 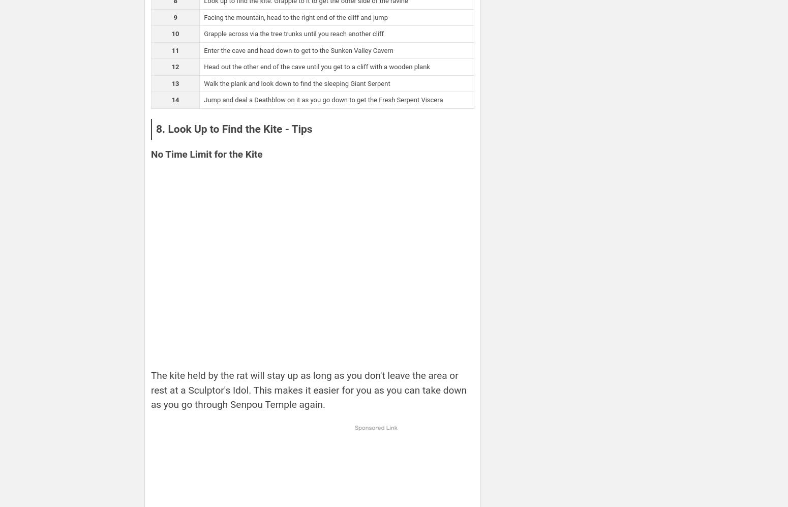 I want to click on 'Head out the other end of the cave until you get to a cliff with a wooden plank', so click(x=316, y=67).